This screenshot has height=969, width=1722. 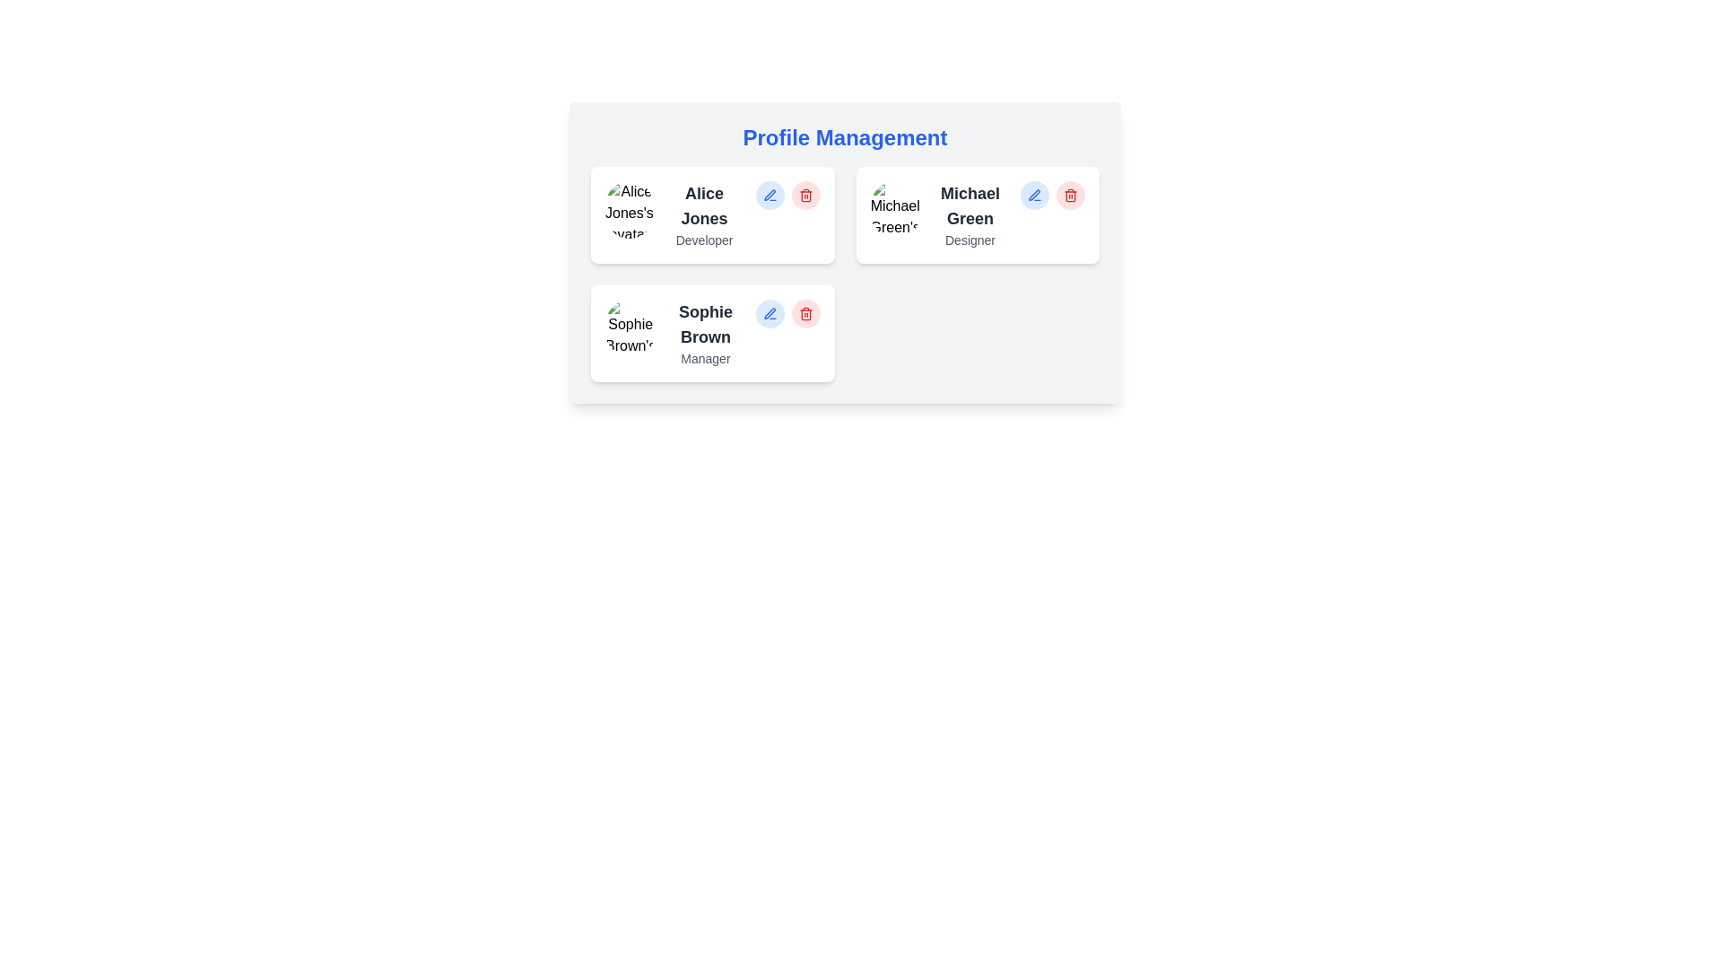 What do you see at coordinates (629, 209) in the screenshot?
I see `the circular profile avatar image for Alice Jones, which is positioned at the top-left corner of her profile card` at bounding box center [629, 209].